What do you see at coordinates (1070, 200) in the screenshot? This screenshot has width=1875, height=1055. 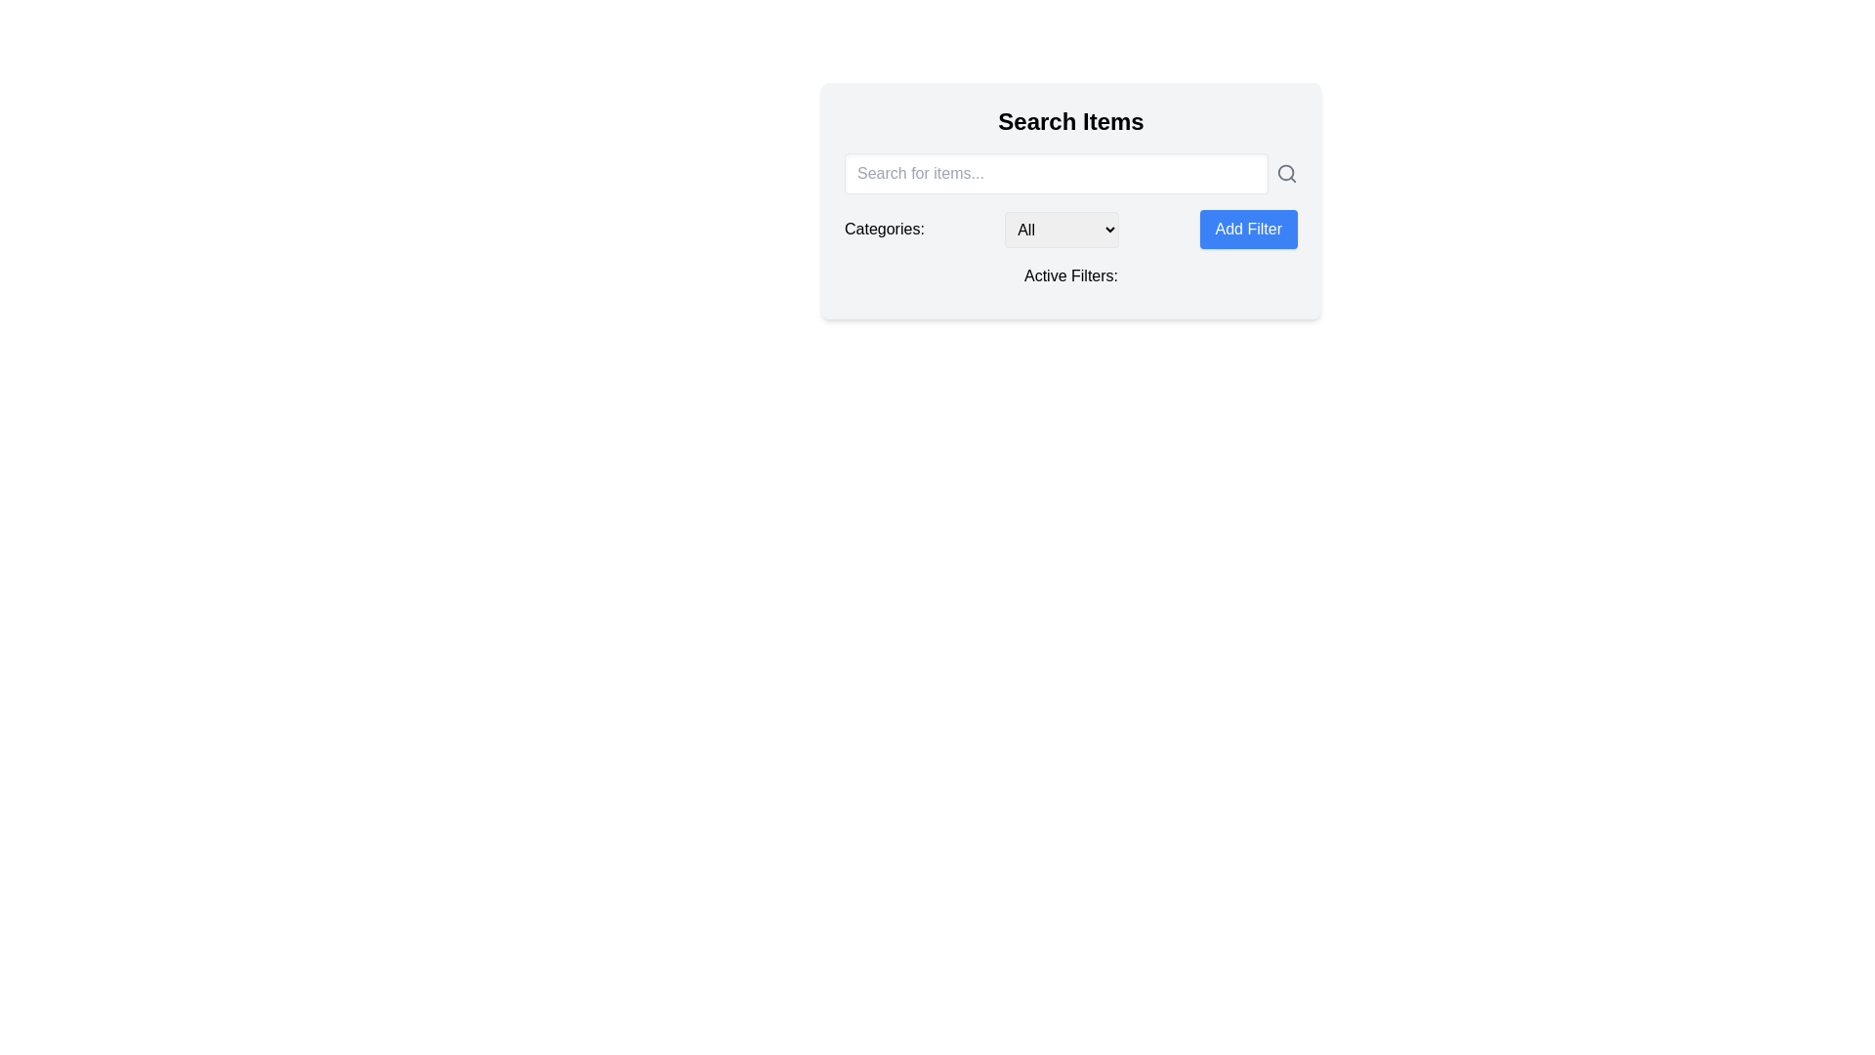 I see `a category from the dropdown in the gray rectangular card titled 'Search Items' that contains various interface elements including a search input and an 'Add Filter' button` at bounding box center [1070, 200].